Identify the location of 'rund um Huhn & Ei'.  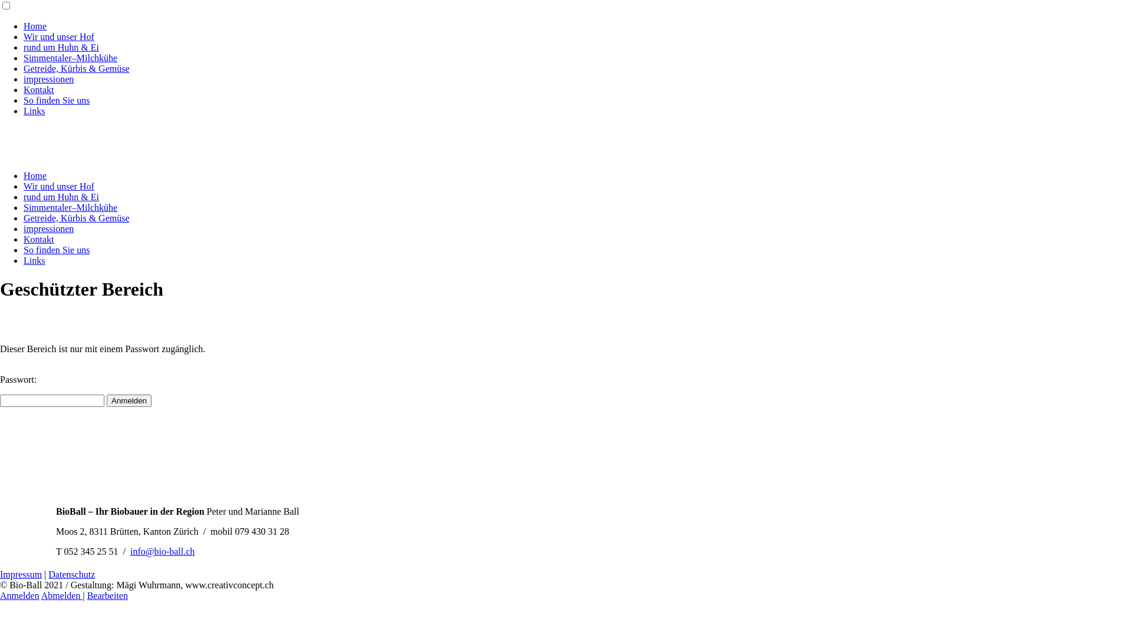
(61, 196).